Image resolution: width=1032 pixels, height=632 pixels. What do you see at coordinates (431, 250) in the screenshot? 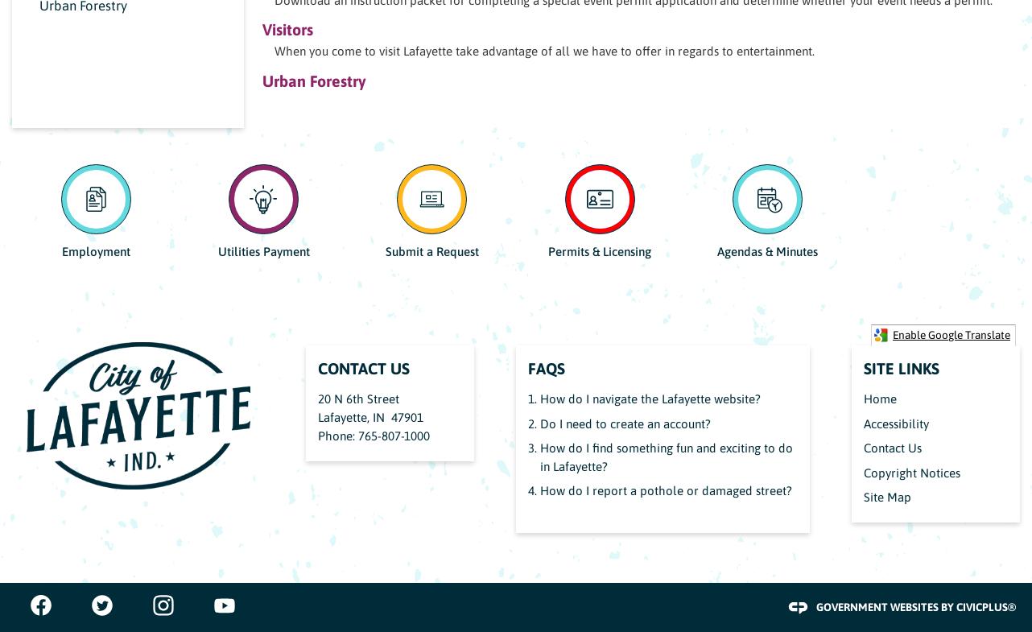
I see `'Submit a Request'` at bounding box center [431, 250].